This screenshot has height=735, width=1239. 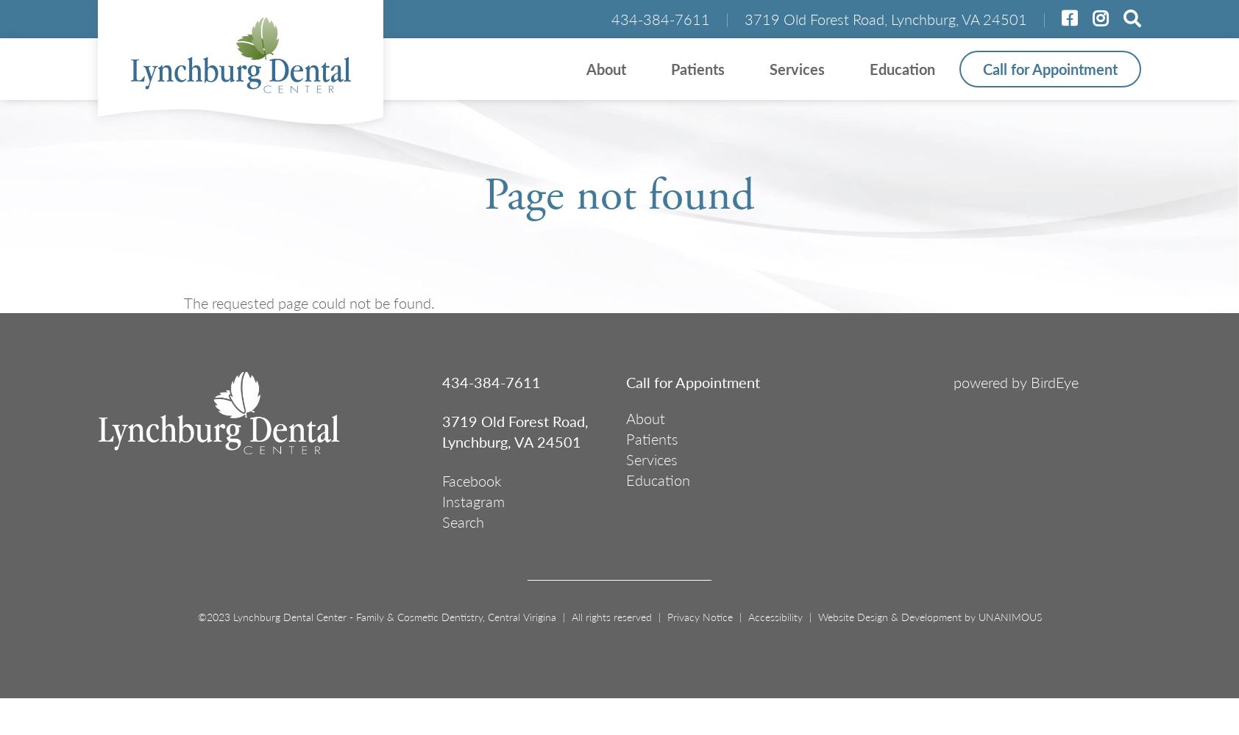 I want to click on 'All rights reserved', so click(x=611, y=616).